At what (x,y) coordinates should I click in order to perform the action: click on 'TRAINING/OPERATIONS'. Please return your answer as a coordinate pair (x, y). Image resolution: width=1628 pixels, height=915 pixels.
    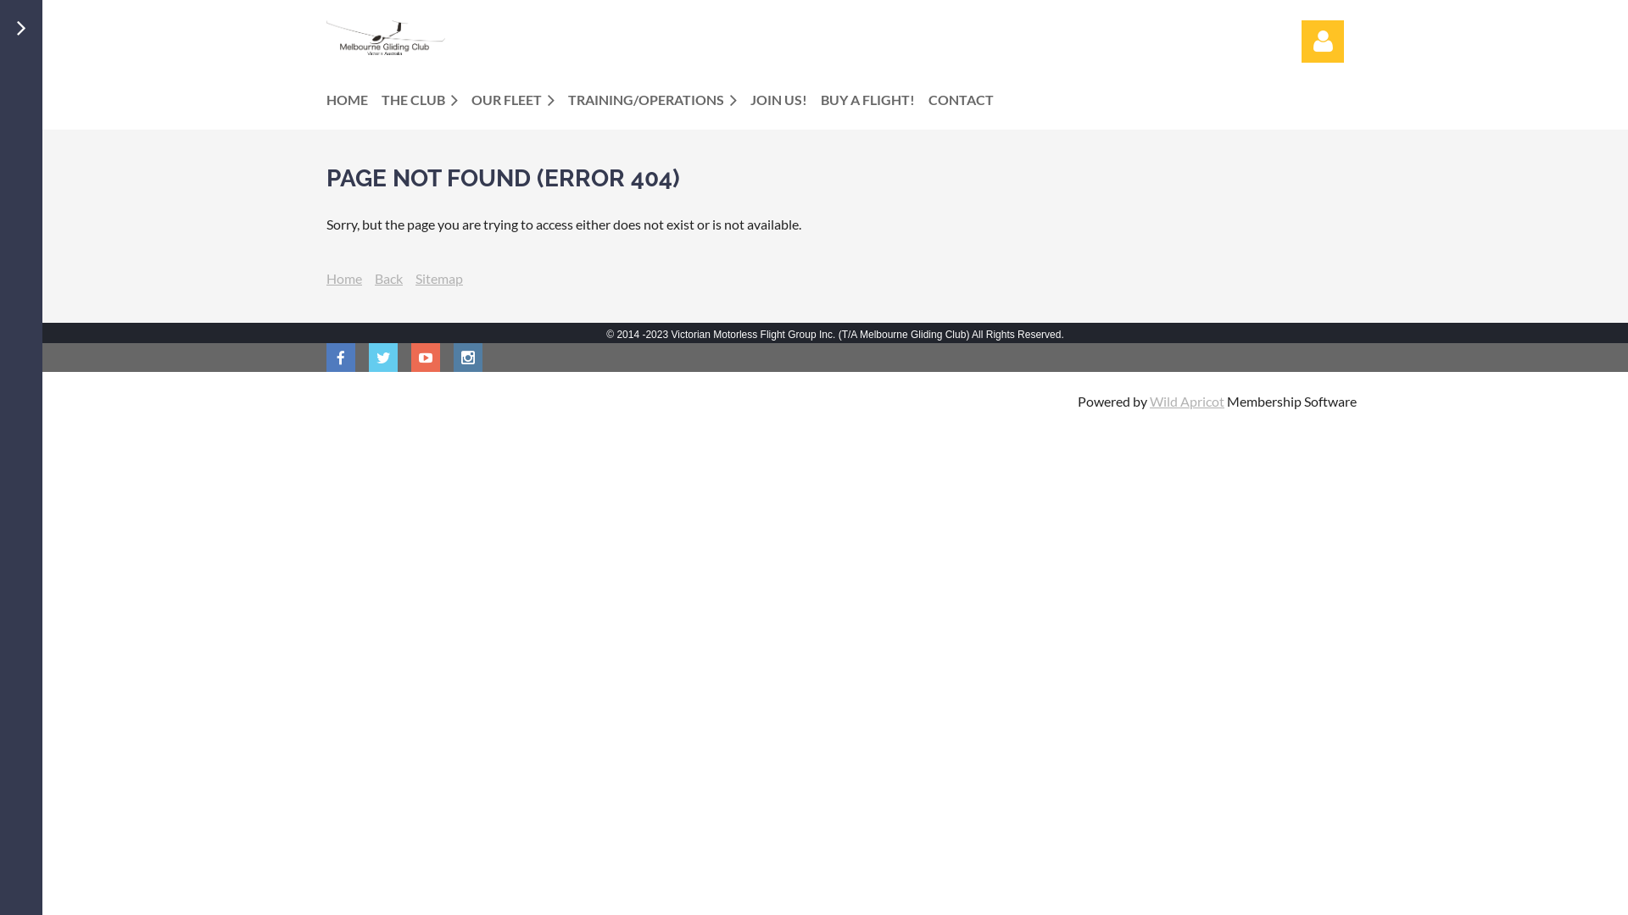
    Looking at the image, I should click on (658, 99).